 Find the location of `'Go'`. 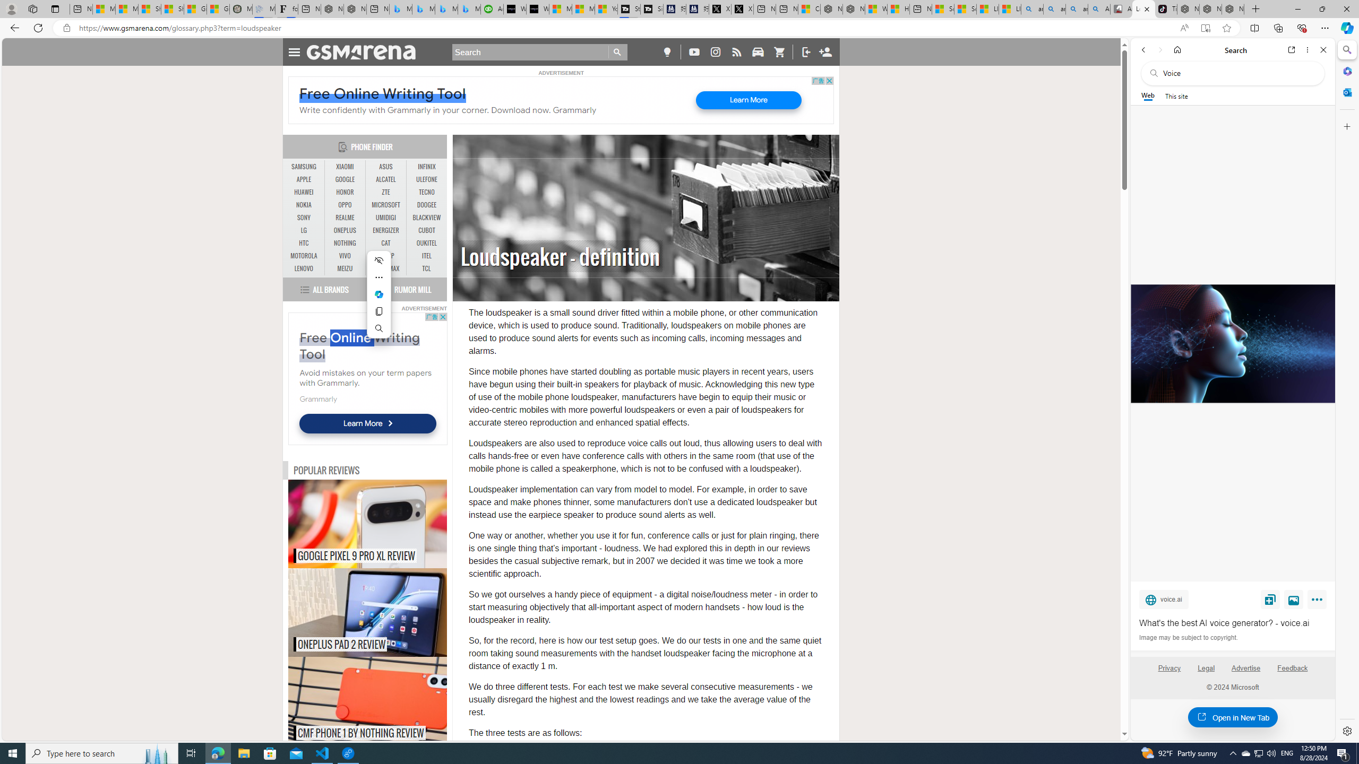

'Go' is located at coordinates (617, 51).